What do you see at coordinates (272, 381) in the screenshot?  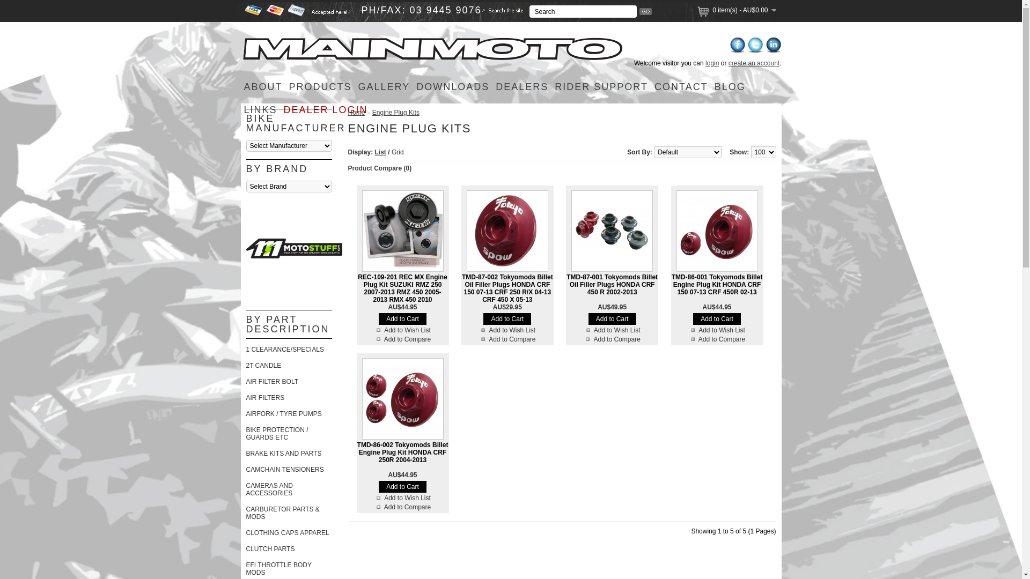 I see `'AIR FILTER BOLT'` at bounding box center [272, 381].